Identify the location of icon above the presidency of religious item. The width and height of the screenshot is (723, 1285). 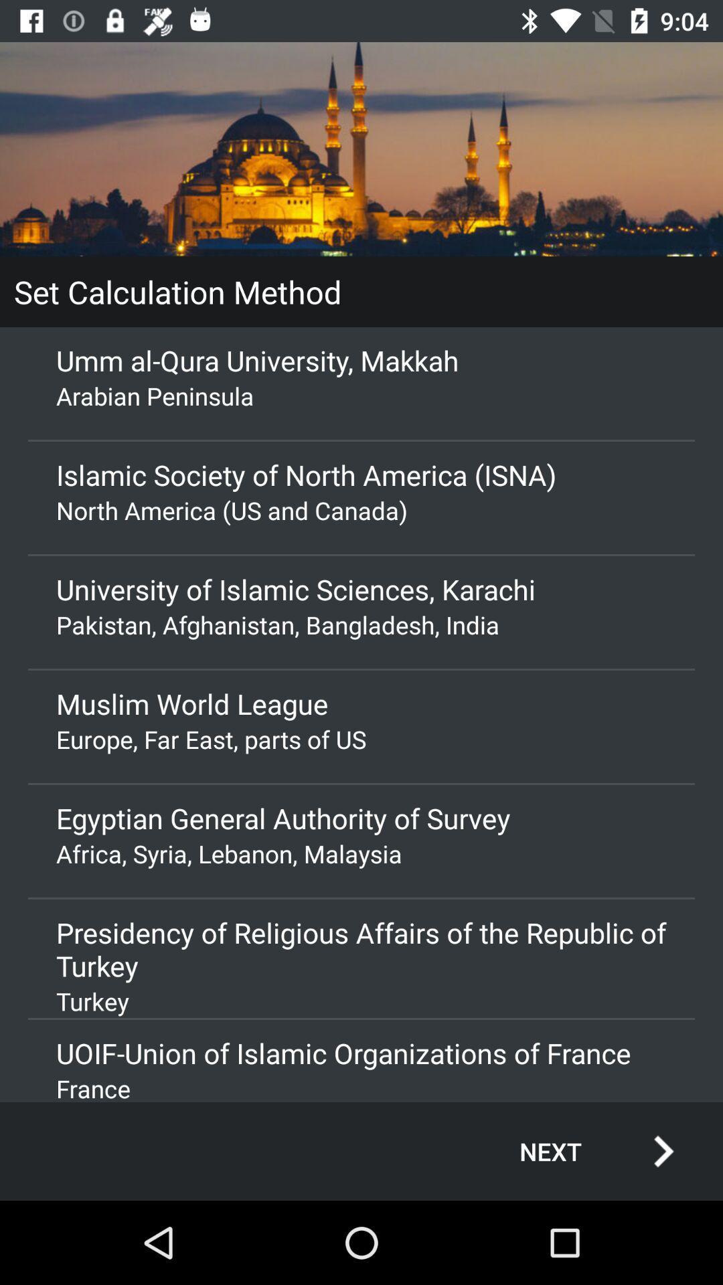
(361, 853).